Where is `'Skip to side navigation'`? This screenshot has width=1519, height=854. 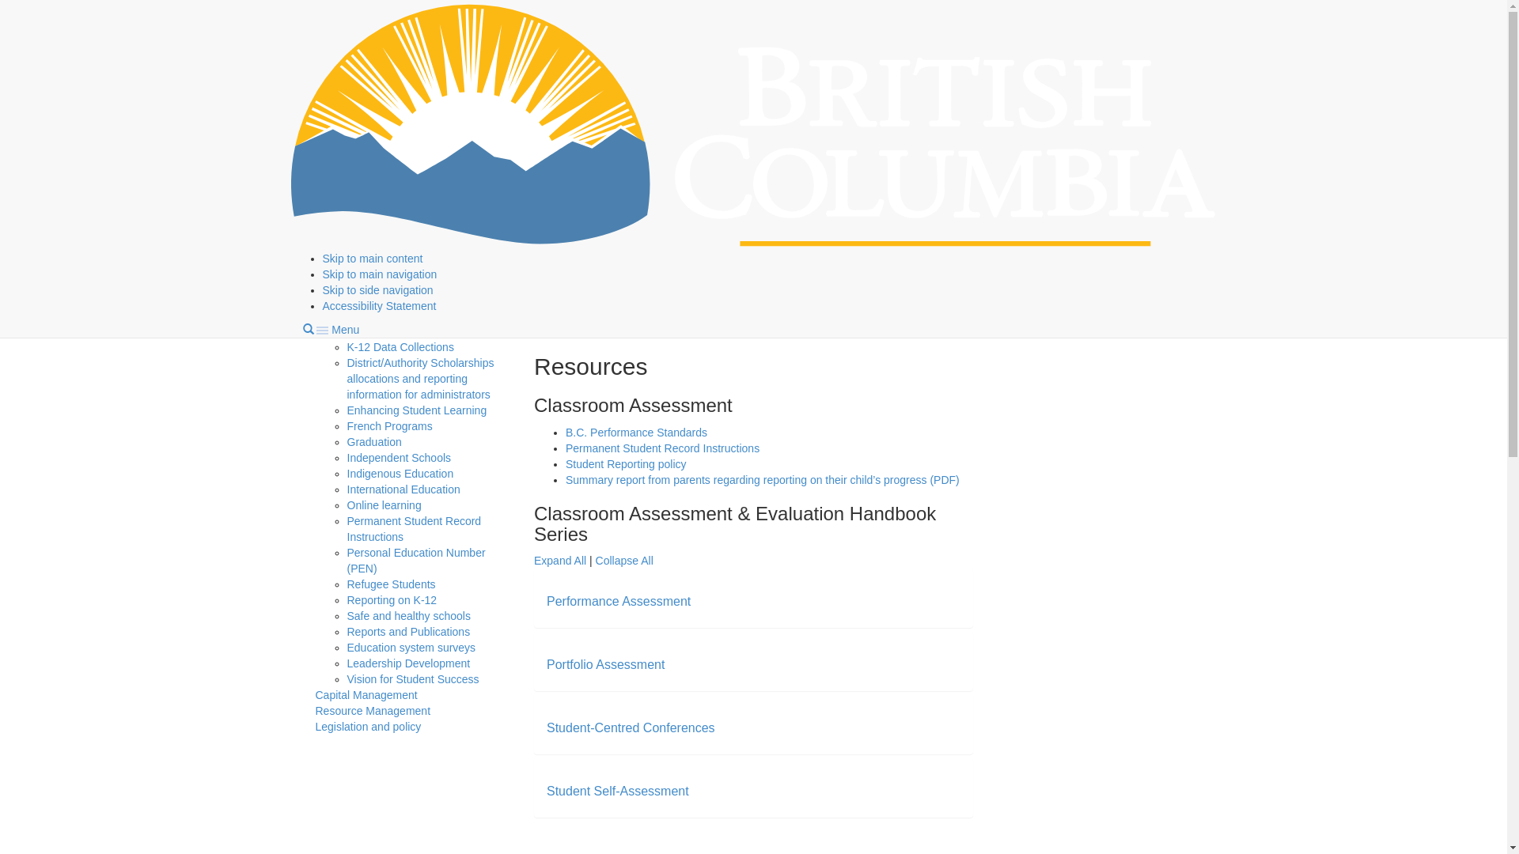
'Skip to side navigation' is located at coordinates (377, 289).